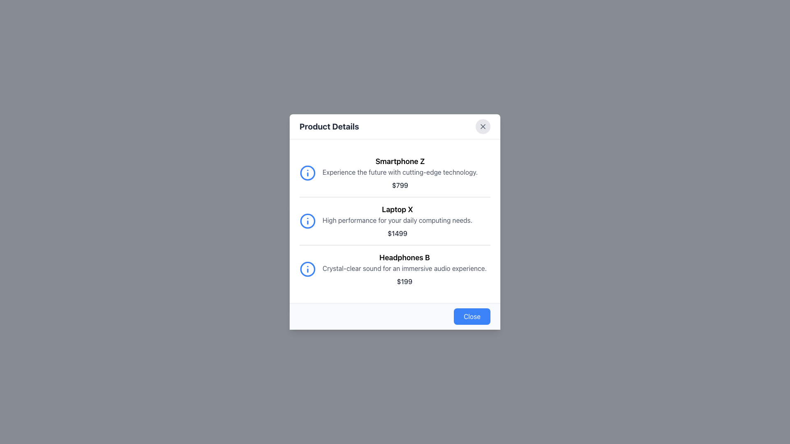  Describe the element at coordinates (404, 268) in the screenshot. I see `the descriptive text label providing information about the product 'Headphones B', which is located below the heading and above the price` at that location.